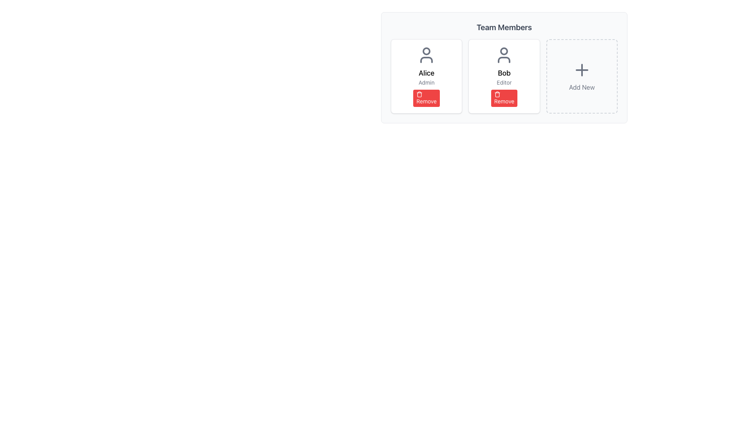  I want to click on the 'Remove' button containing the trash can icon under the card for user Bob in the 'Team Members' section, so click(497, 94).